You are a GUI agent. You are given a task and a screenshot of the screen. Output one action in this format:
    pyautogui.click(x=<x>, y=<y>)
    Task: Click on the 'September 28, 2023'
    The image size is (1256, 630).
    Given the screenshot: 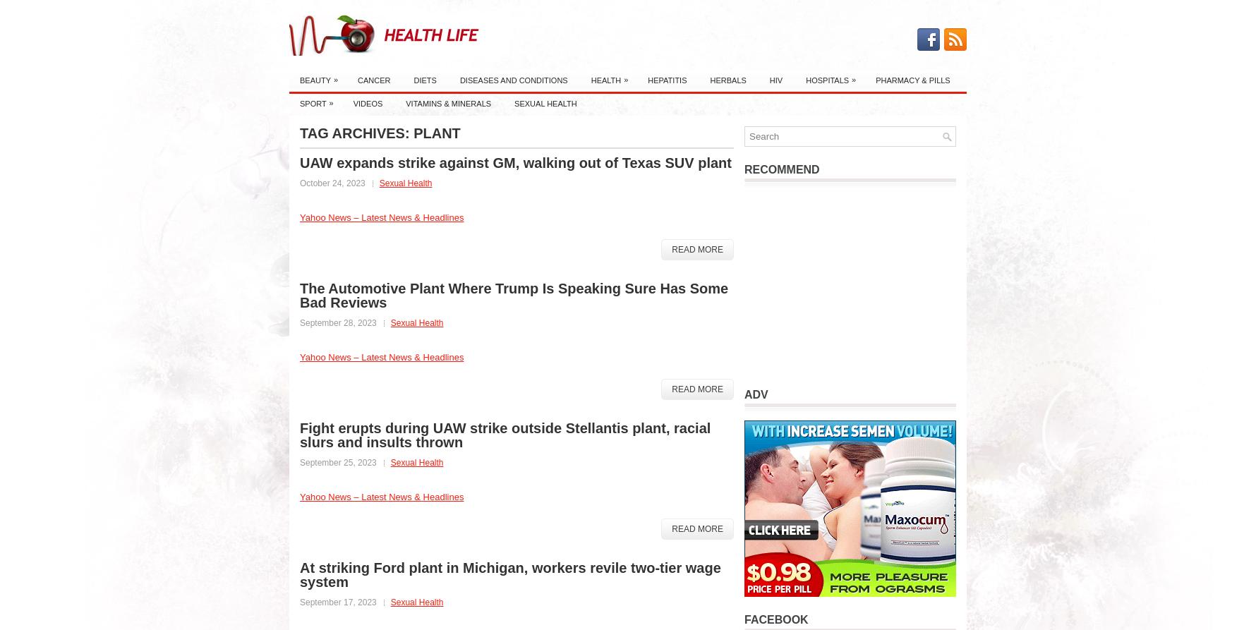 What is the action you would take?
    pyautogui.click(x=337, y=322)
    